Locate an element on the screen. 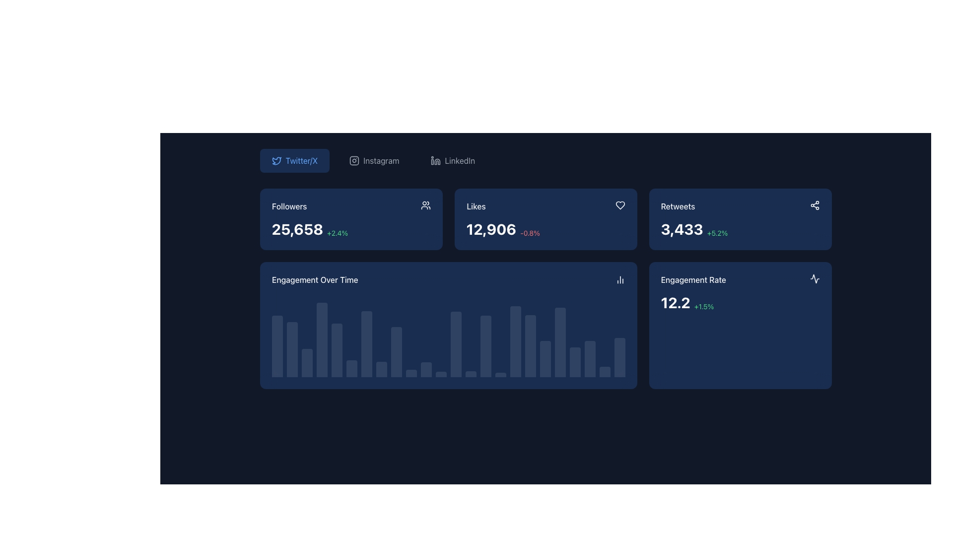 The height and width of the screenshot is (536, 953). the 13th vertical bar in the bar chart located beneath the 'Engagement Over Time' title is located at coordinates (455, 344).